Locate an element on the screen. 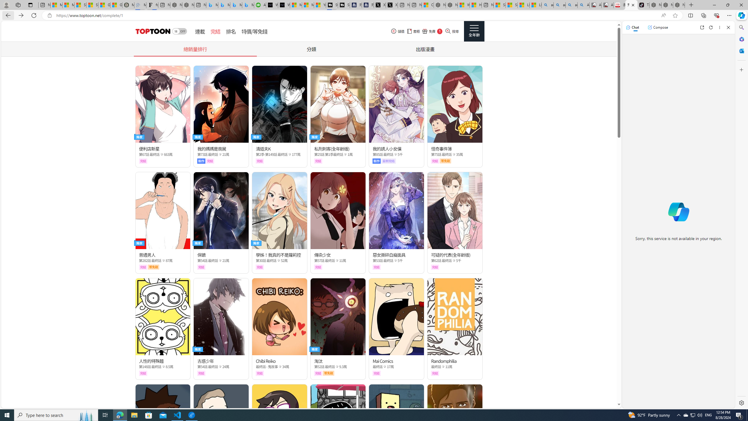  'Class: side_menu_btn actionRightMenuBtn' is located at coordinates (474, 31).